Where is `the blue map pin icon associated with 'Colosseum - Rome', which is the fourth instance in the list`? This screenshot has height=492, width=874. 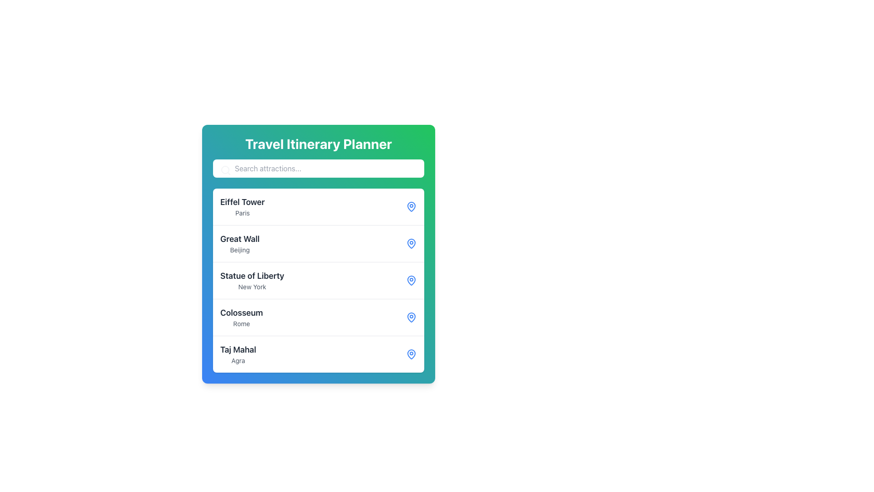 the blue map pin icon associated with 'Colosseum - Rome', which is the fourth instance in the list is located at coordinates (411, 317).